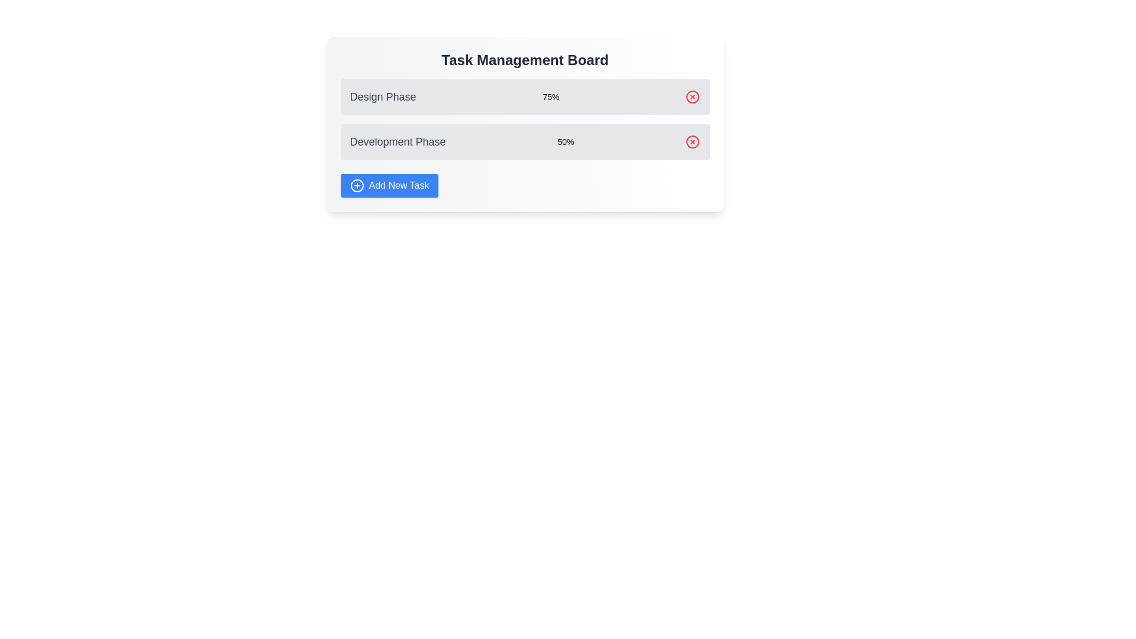 Image resolution: width=1136 pixels, height=639 pixels. I want to click on the rectangular blue button labeled 'Add New Task' located below the 'Development Phase' section to trigger tooltip or visual feedback, so click(389, 185).